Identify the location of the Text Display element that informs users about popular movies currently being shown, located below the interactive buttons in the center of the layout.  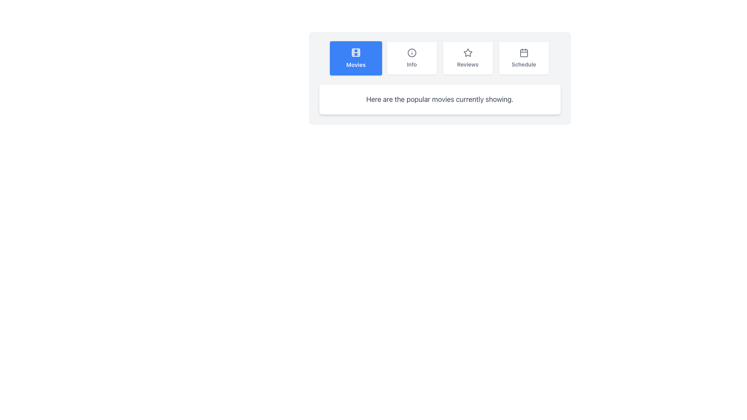
(440, 99).